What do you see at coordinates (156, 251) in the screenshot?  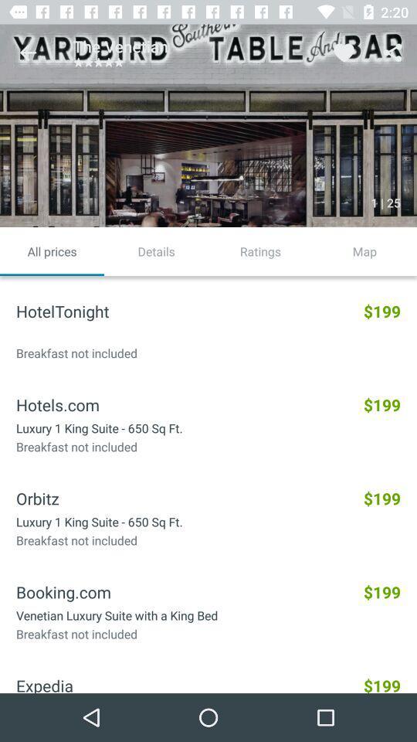 I see `the item next to the ratings` at bounding box center [156, 251].